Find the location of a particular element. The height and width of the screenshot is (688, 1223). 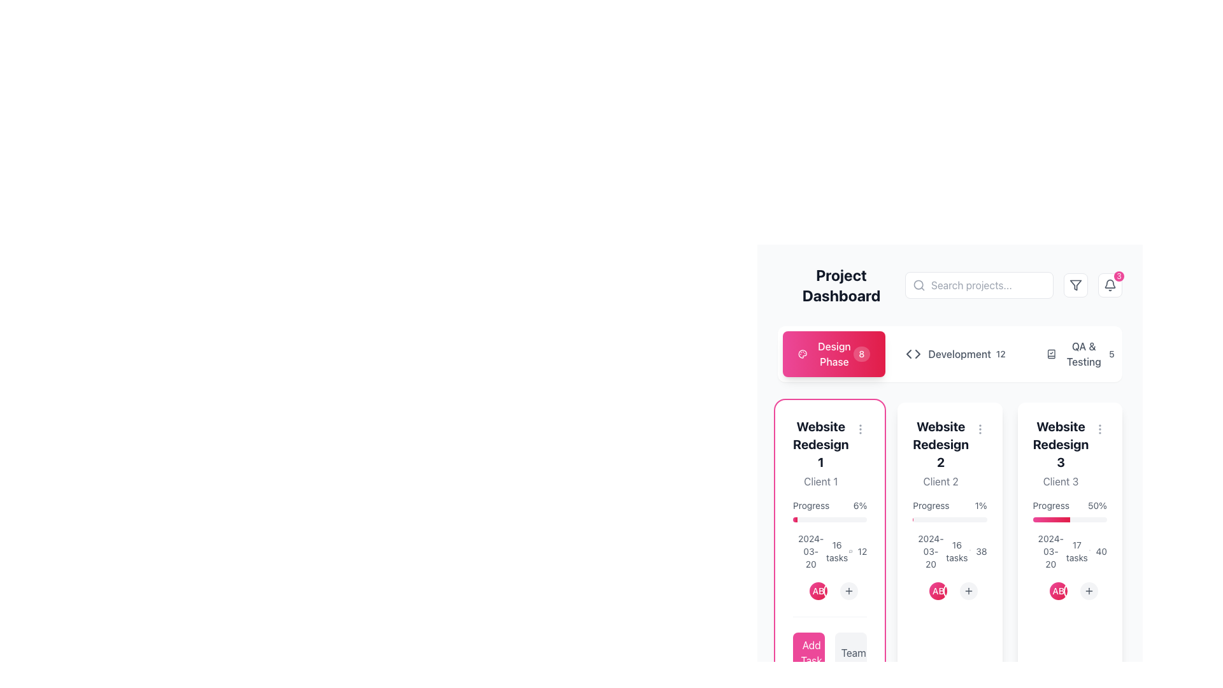

the user avatars in the composite UI component containing three circular badges and a plus button is located at coordinates (946, 591).